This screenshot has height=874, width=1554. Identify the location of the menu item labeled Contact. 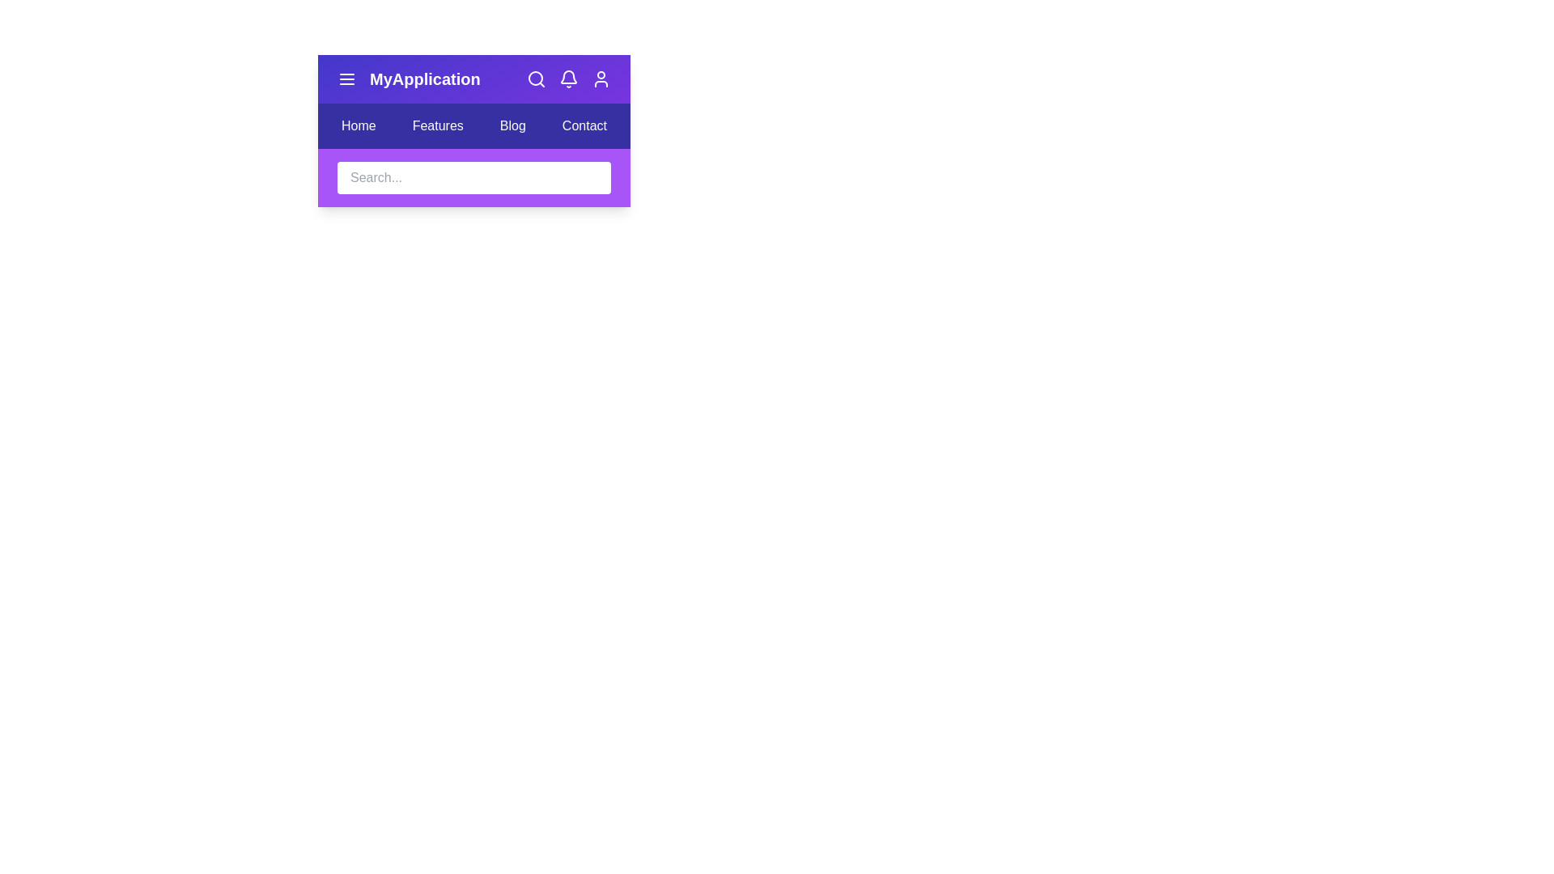
(583, 125).